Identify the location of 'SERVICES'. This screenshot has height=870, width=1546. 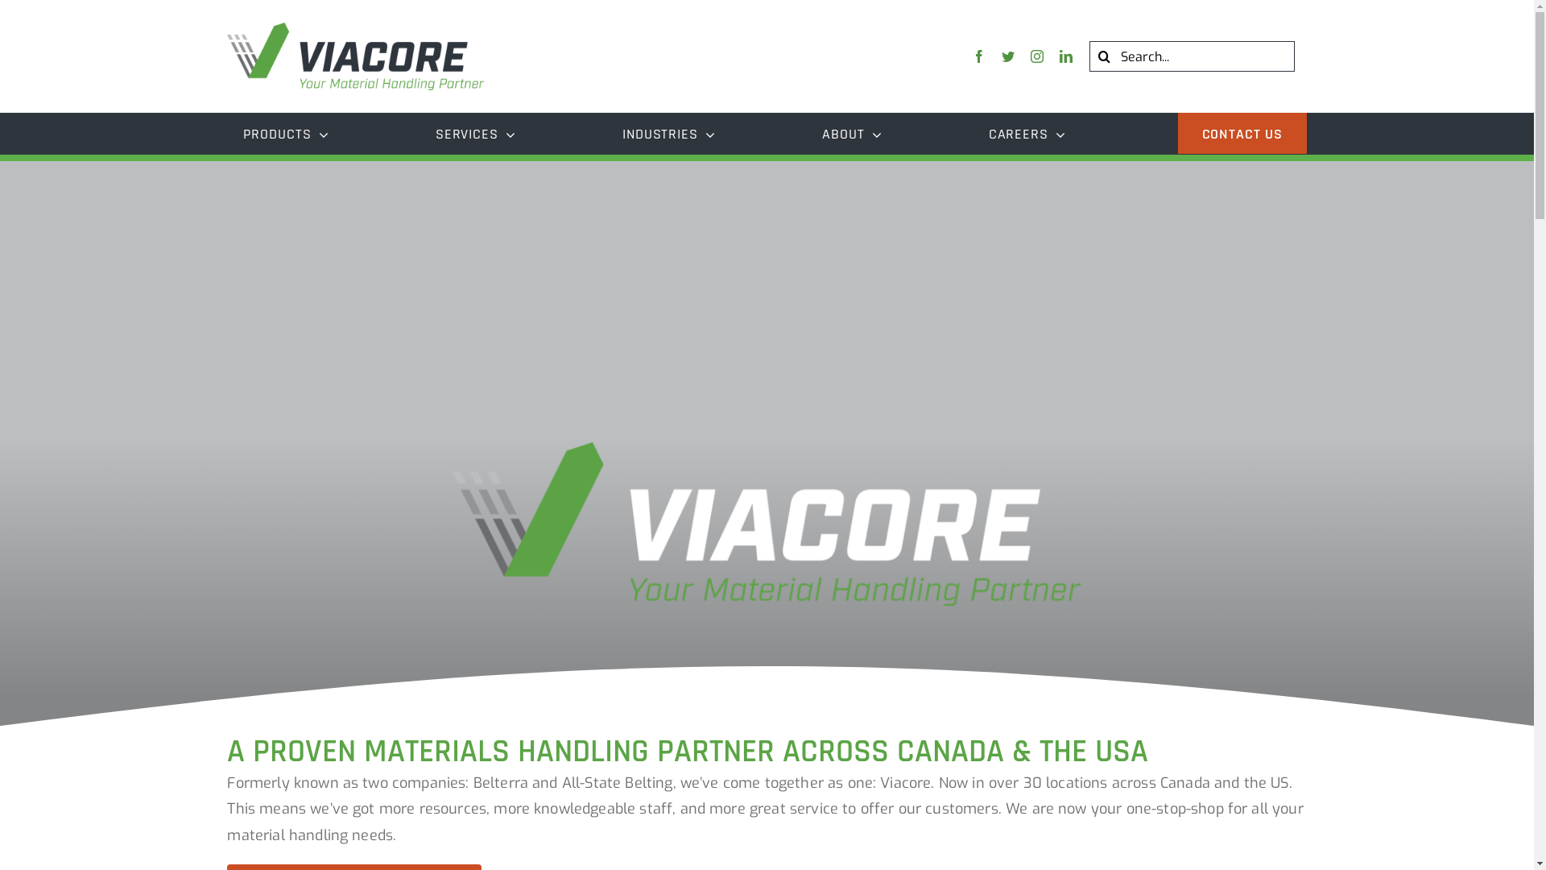
(420, 132).